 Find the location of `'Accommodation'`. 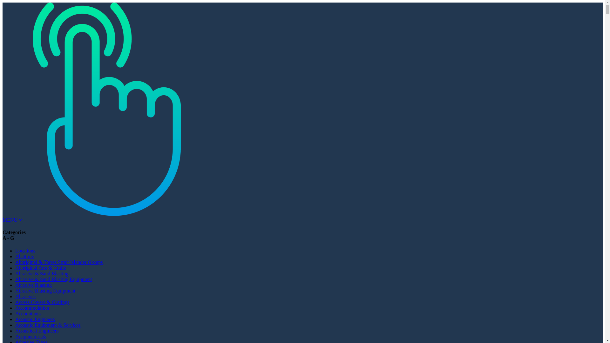

'Accommodation' is located at coordinates (32, 307).